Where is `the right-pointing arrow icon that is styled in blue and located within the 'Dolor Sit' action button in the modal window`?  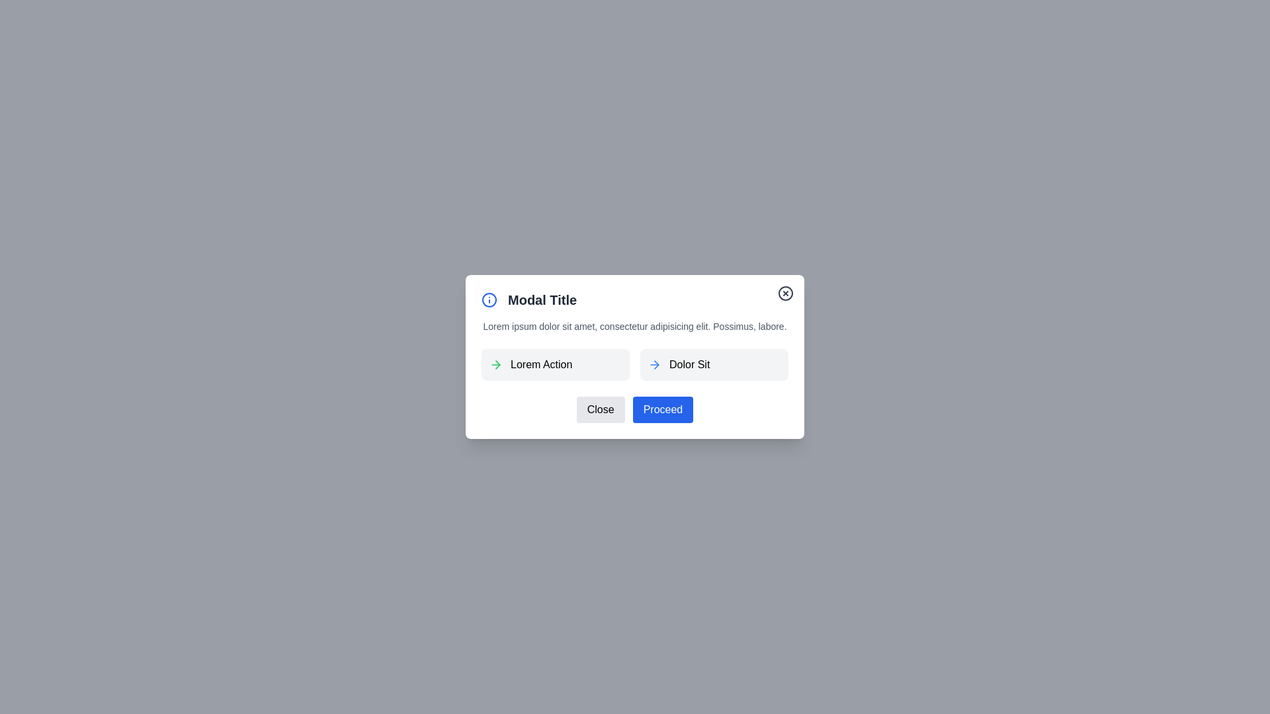
the right-pointing arrow icon that is styled in blue and located within the 'Dolor Sit' action button in the modal window is located at coordinates (656, 364).